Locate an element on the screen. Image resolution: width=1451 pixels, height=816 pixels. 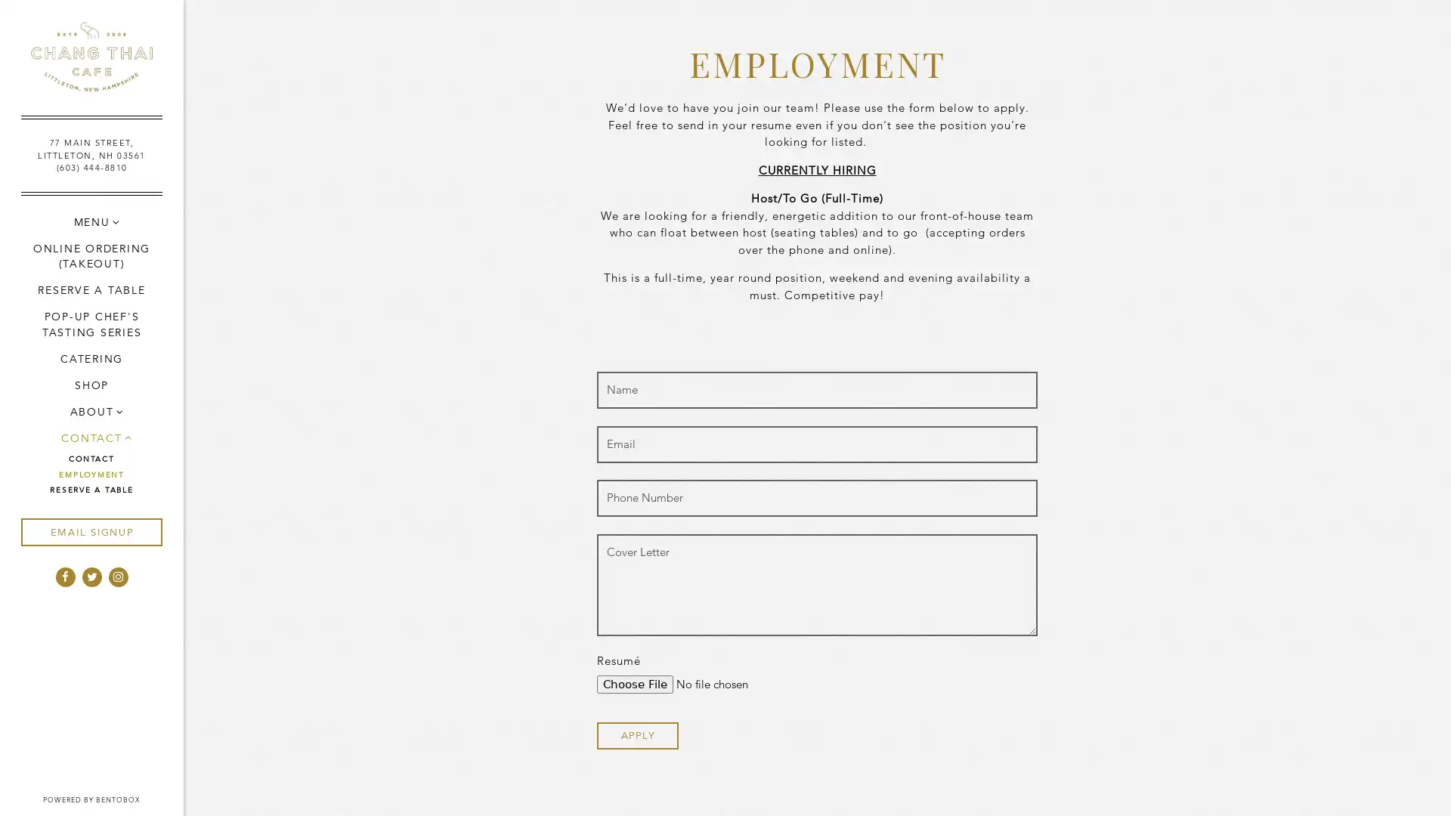
CONTACT is located at coordinates (90, 437).